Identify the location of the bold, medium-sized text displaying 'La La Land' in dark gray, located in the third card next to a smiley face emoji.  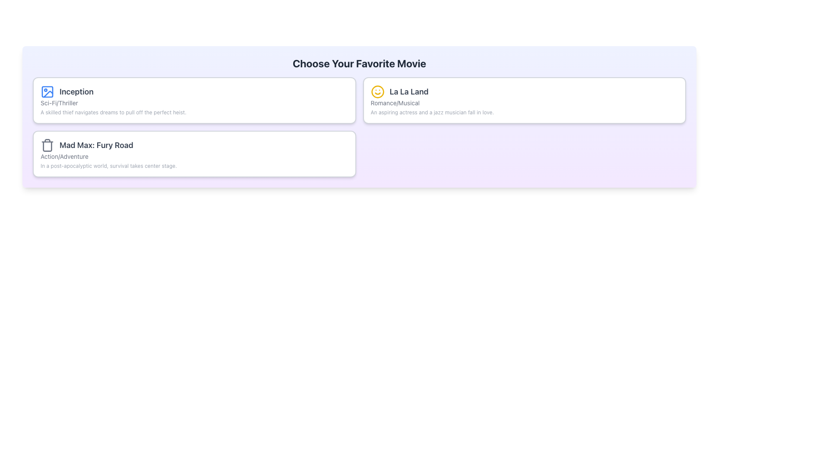
(408, 91).